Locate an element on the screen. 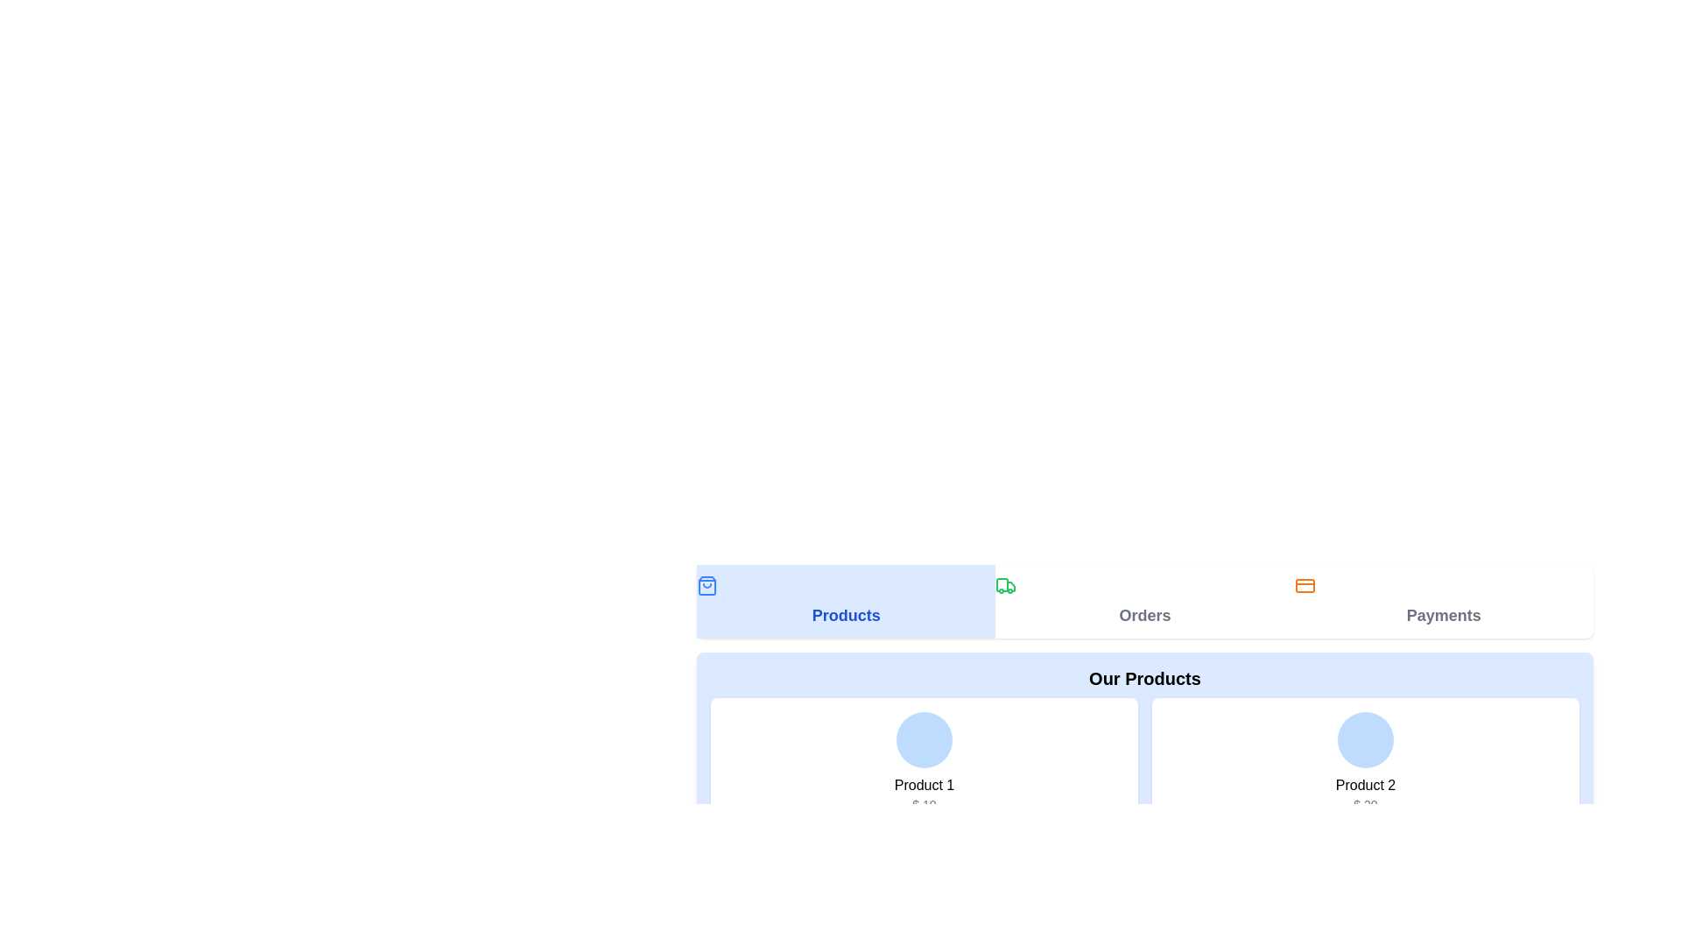  the 'Orders' button located in the middle section of the horizontal navigation bar is located at coordinates (1144, 600).